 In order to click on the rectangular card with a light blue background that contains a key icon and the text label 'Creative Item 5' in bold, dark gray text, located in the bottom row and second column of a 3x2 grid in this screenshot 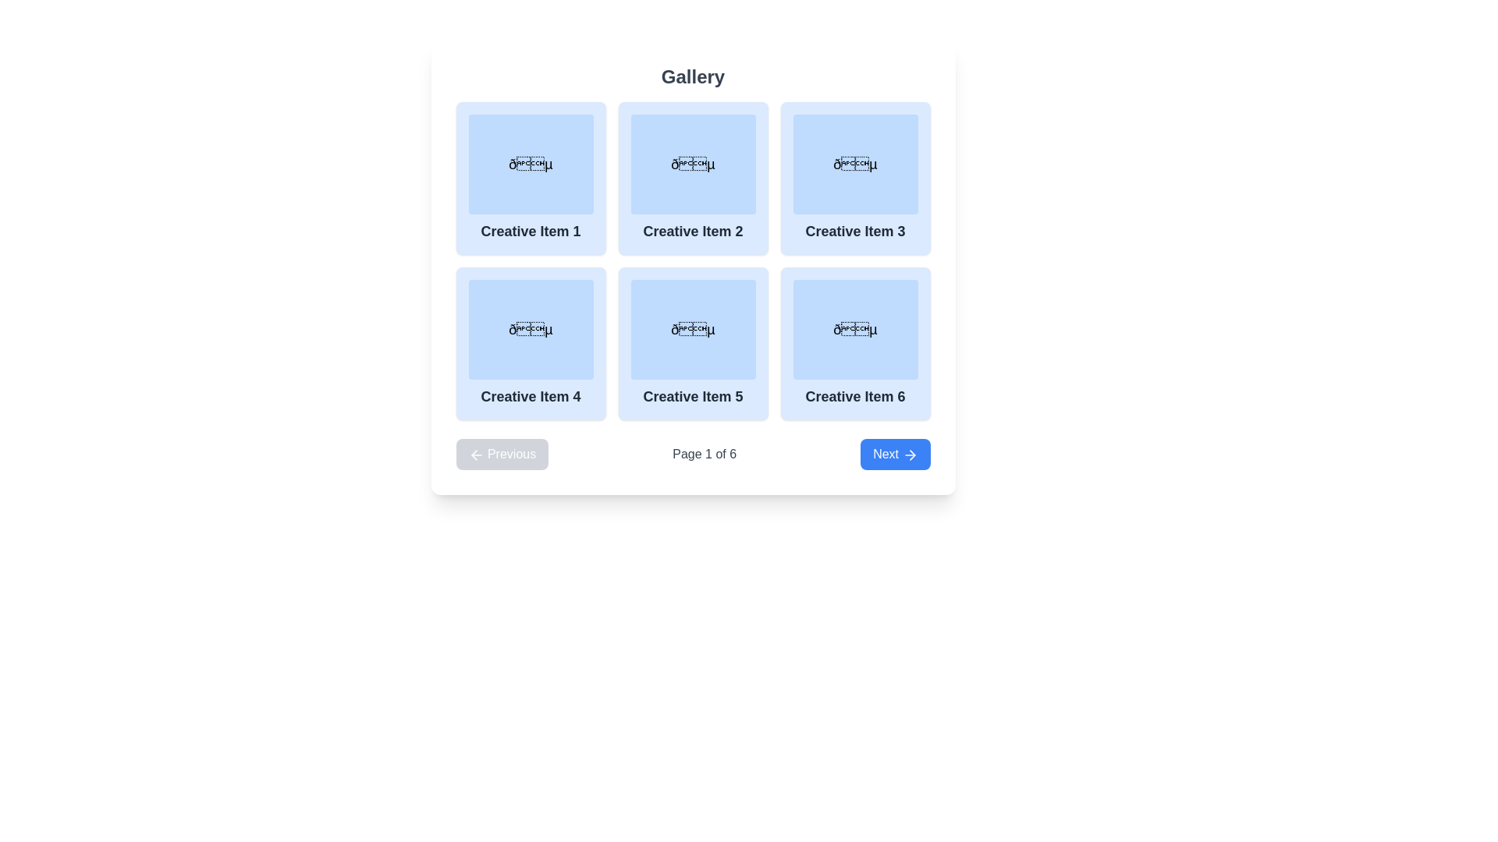, I will do `click(692, 342)`.